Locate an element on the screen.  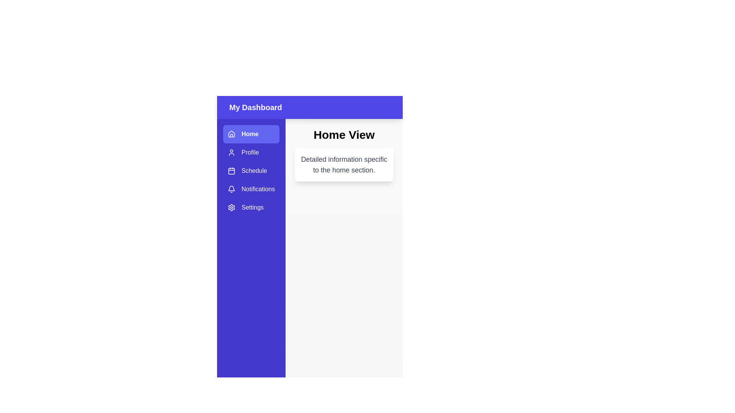
the sidebar item labeled Schedule to reveal its tooltip or highlight is located at coordinates (251, 171).